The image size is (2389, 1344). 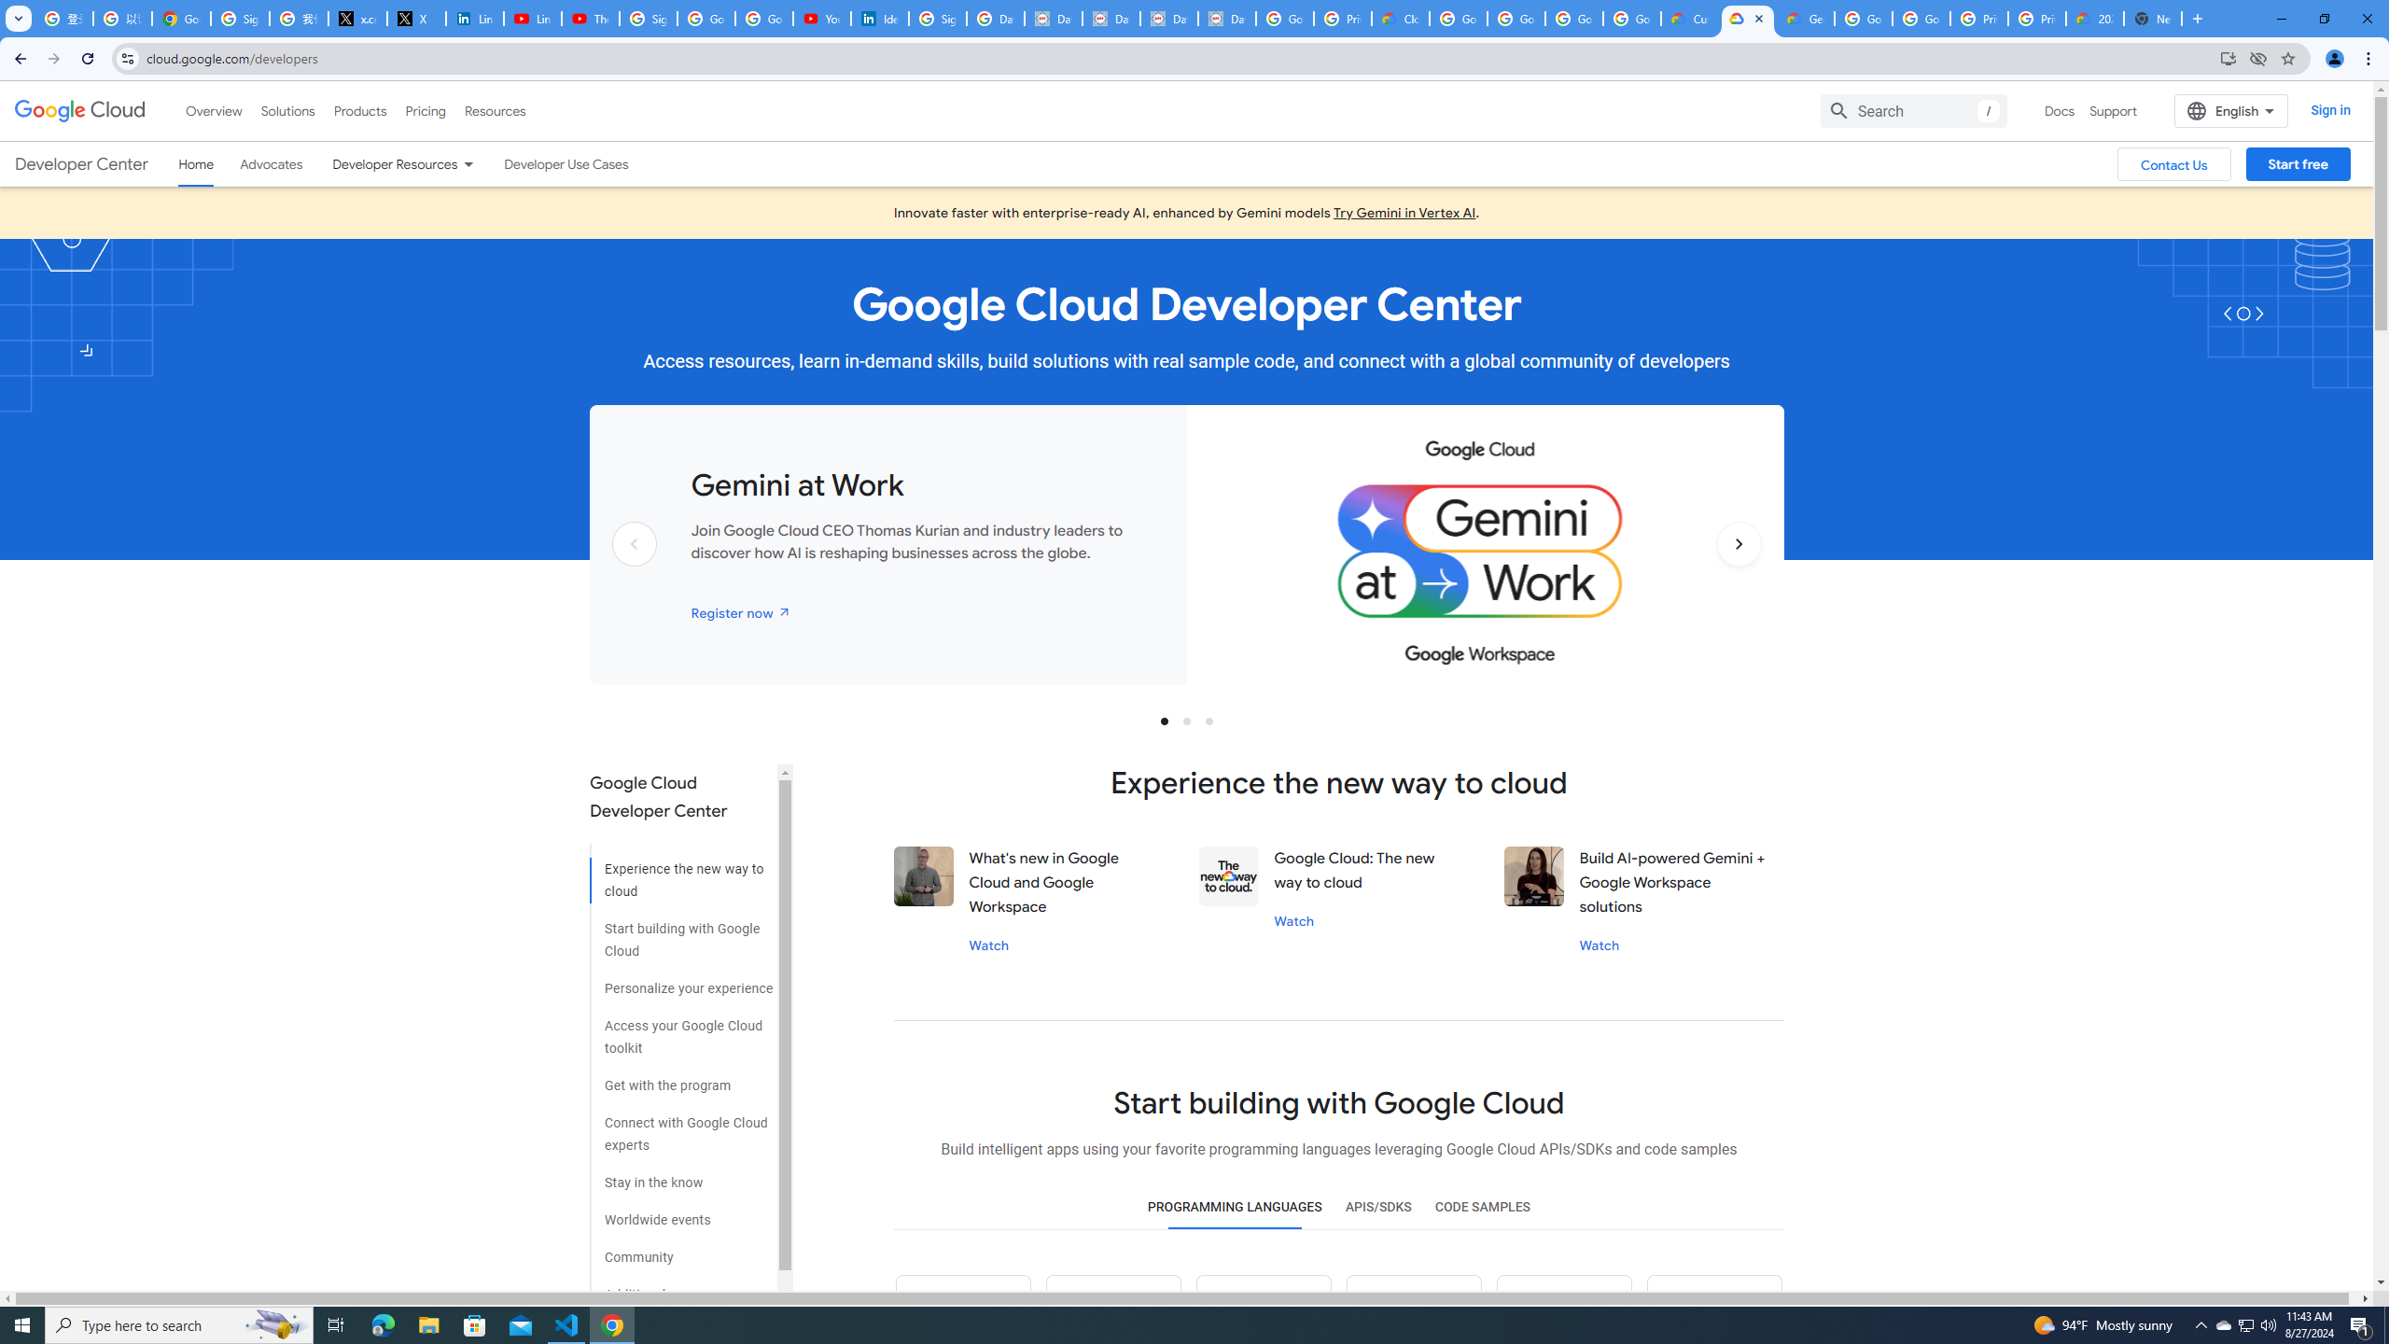 I want to click on 'Google Cloud', so click(x=79, y=110).